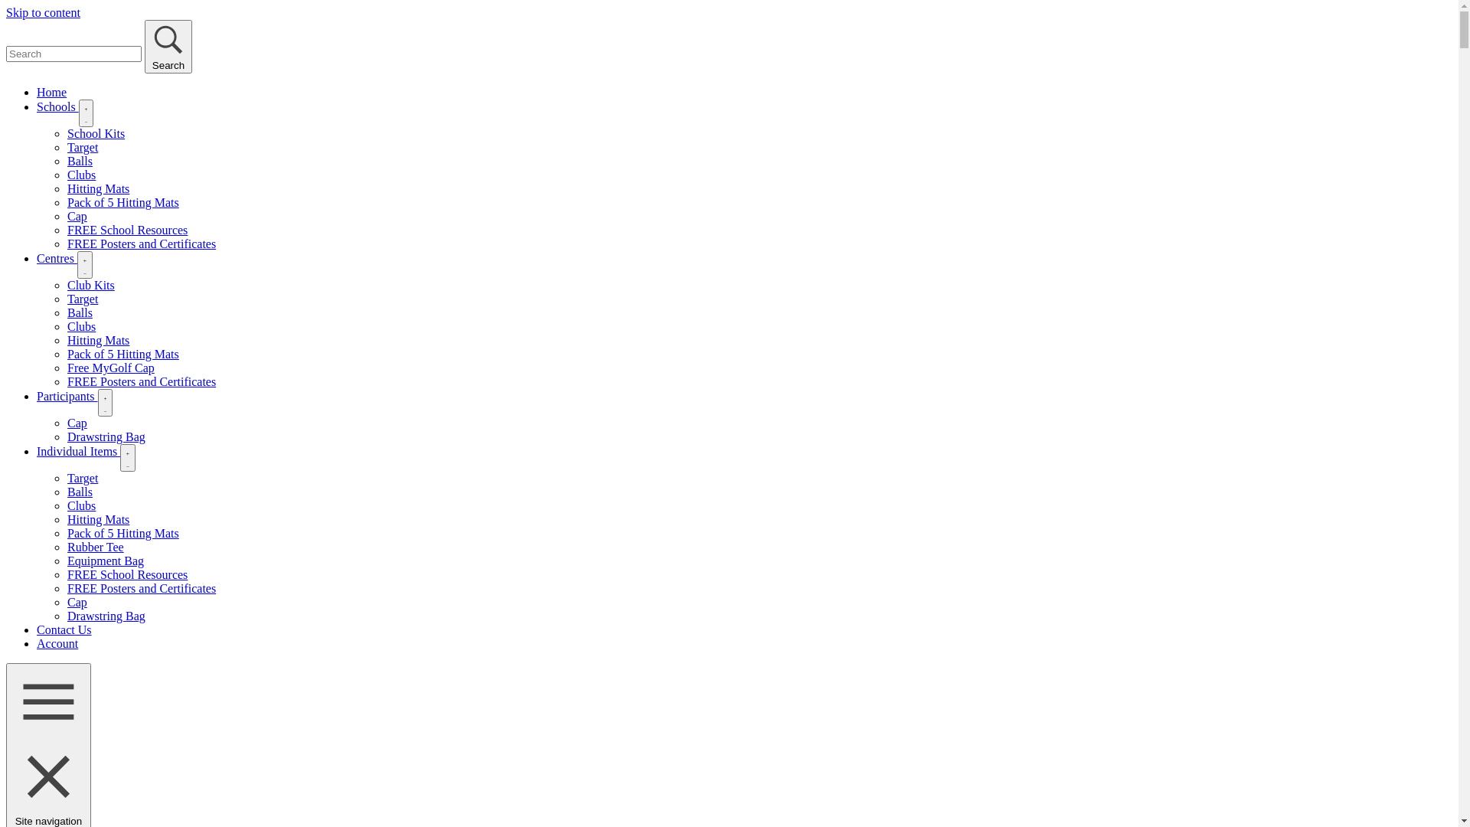 This screenshot has width=1470, height=827. Describe the element at coordinates (57, 106) in the screenshot. I see `'Schools'` at that location.